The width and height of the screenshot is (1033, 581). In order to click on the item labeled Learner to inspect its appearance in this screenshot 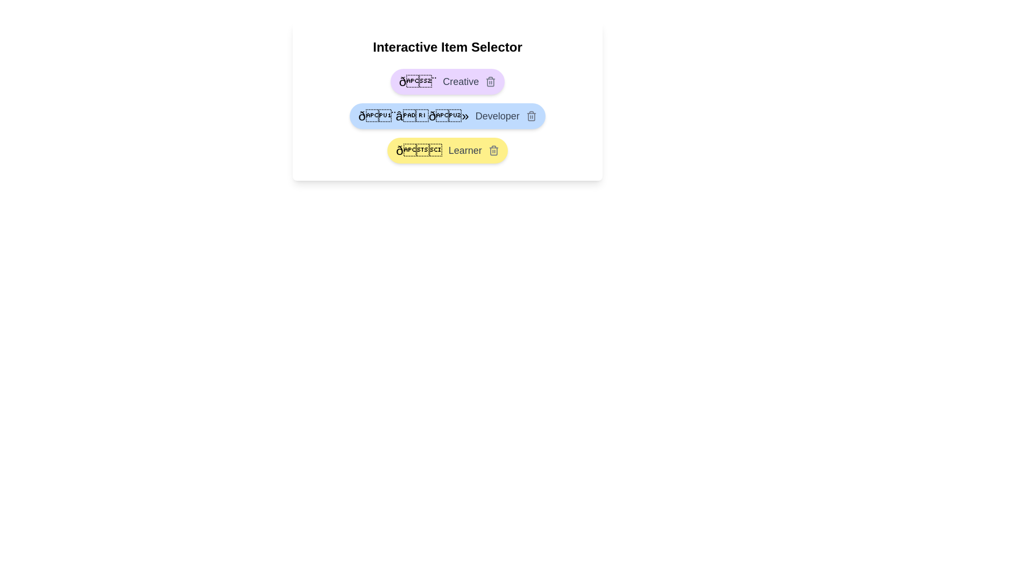, I will do `click(447, 151)`.